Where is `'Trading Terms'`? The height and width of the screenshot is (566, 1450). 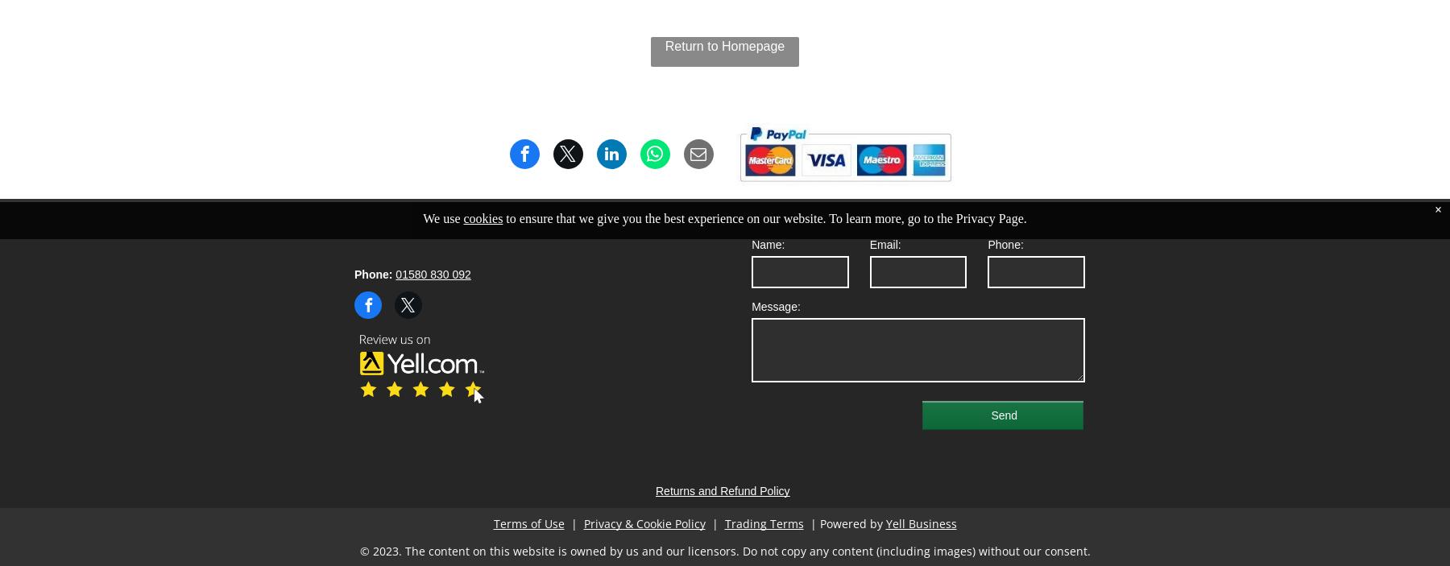
'Trading Terms' is located at coordinates (763, 523).